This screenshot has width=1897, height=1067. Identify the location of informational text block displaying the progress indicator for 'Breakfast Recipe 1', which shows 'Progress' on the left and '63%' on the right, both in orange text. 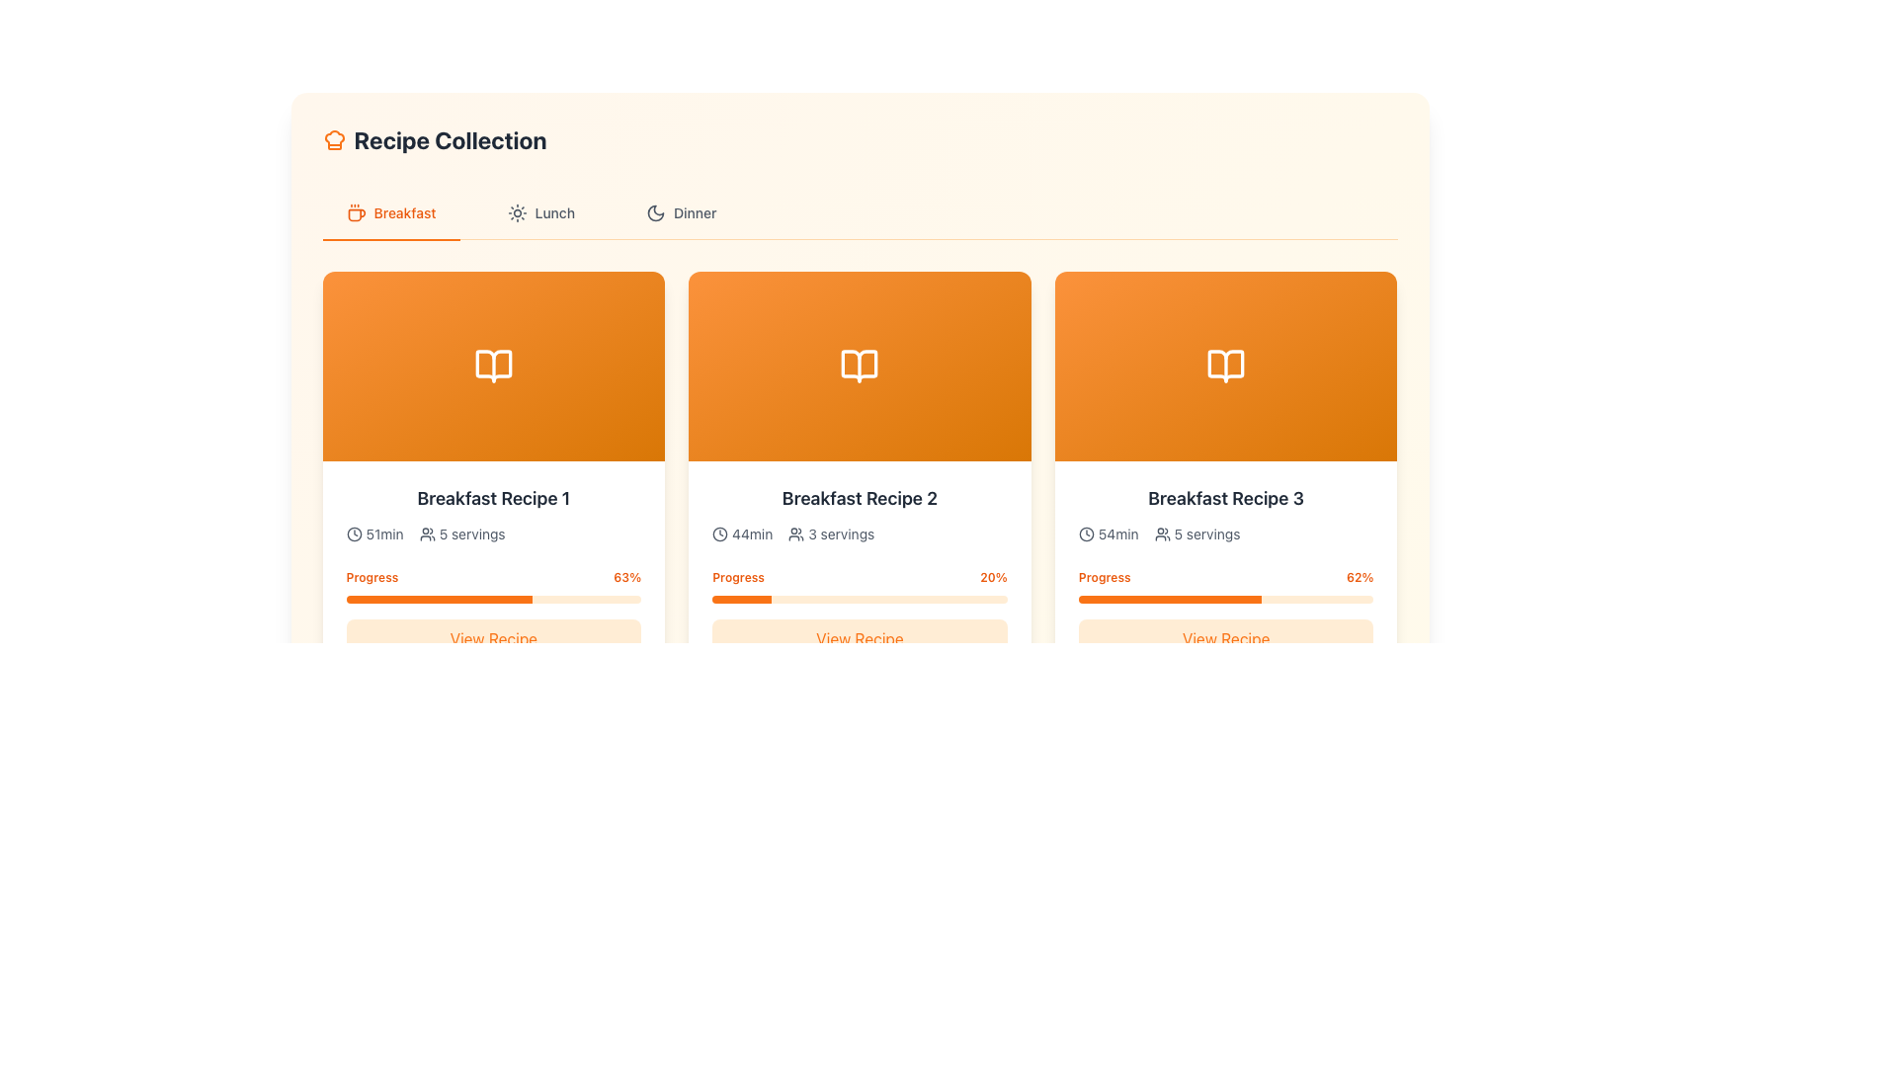
(493, 575).